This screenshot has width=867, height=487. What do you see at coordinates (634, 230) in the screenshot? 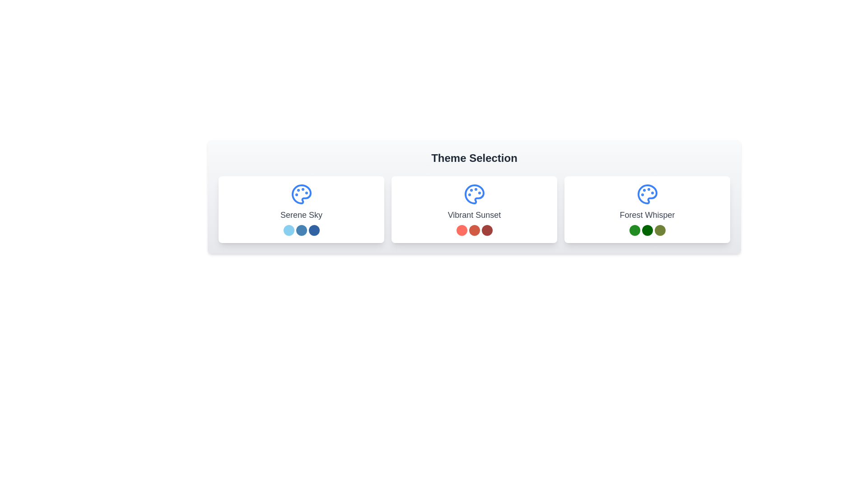
I see `the rounded green circle Color Indicator located below the title 'Forest Whisper' in the third card of the 'Theme Selection' section` at bounding box center [634, 230].